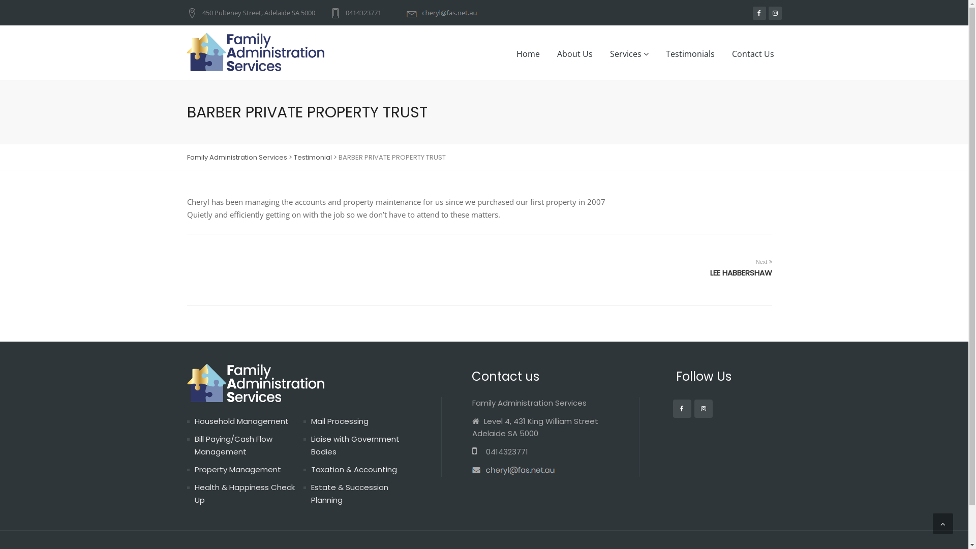 The height and width of the screenshot is (549, 976). Describe the element at coordinates (752, 53) in the screenshot. I see `'Contact Us'` at that location.